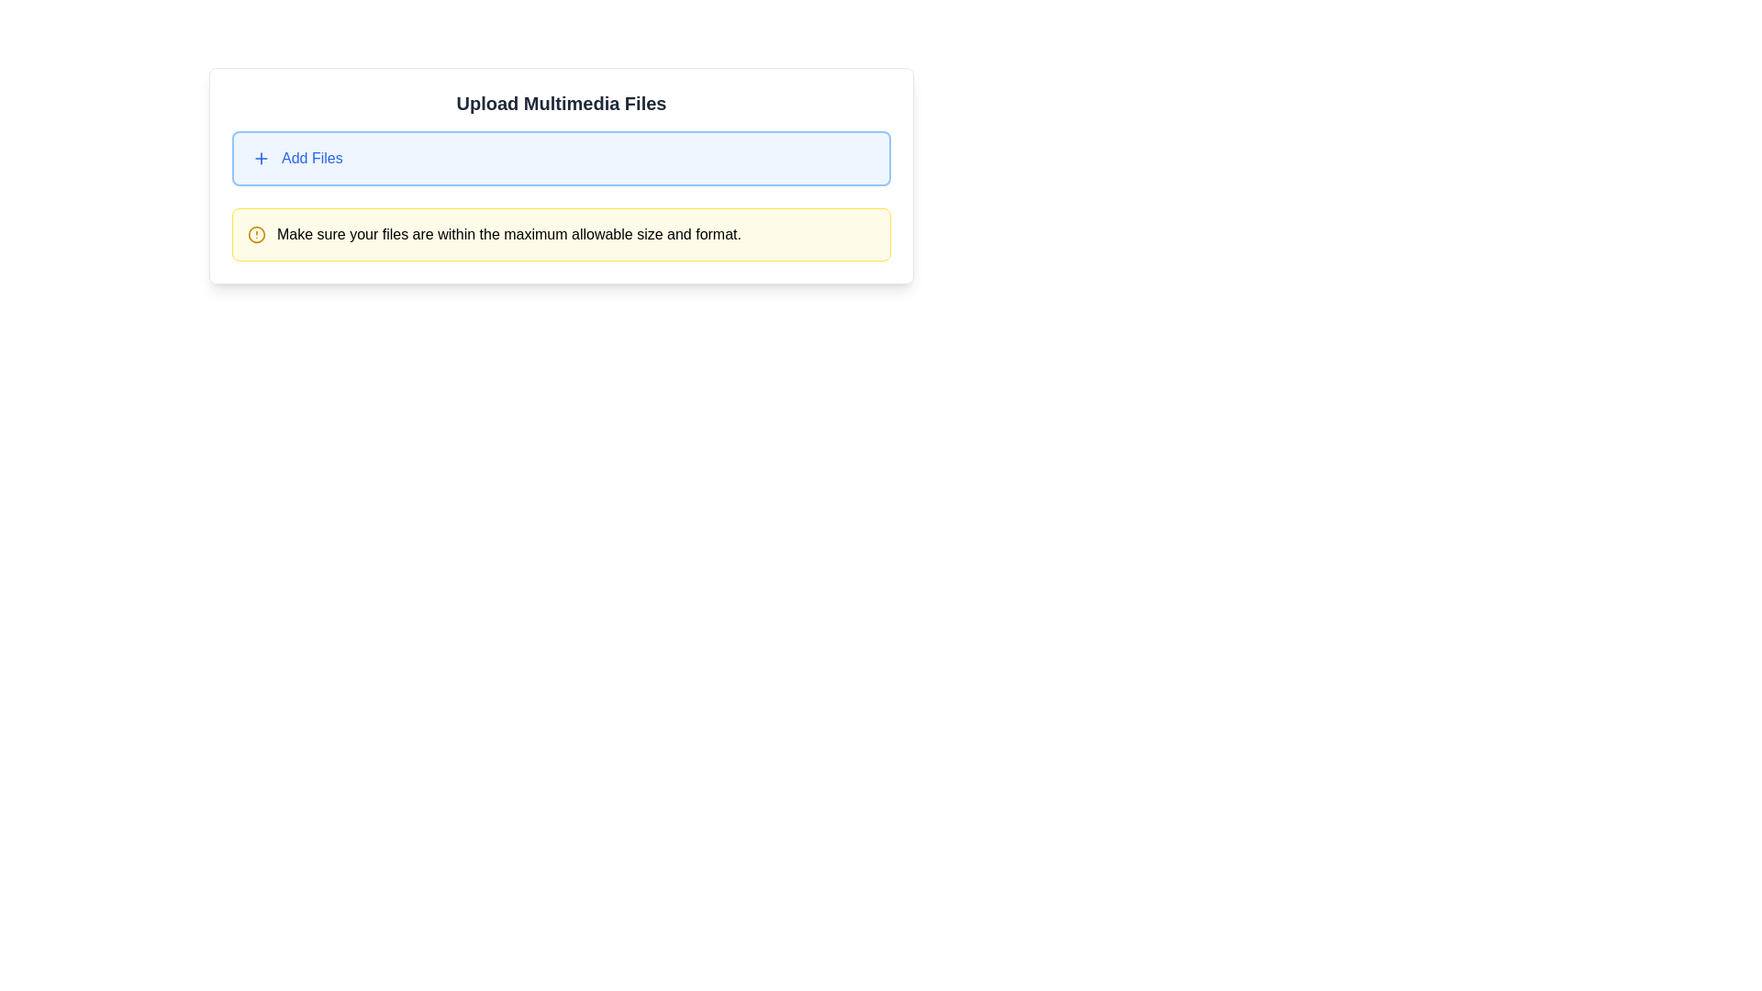  What do you see at coordinates (255, 233) in the screenshot?
I see `the central circle of the warning icon, which is located to the left of the cautionary text regarding file size and format` at bounding box center [255, 233].